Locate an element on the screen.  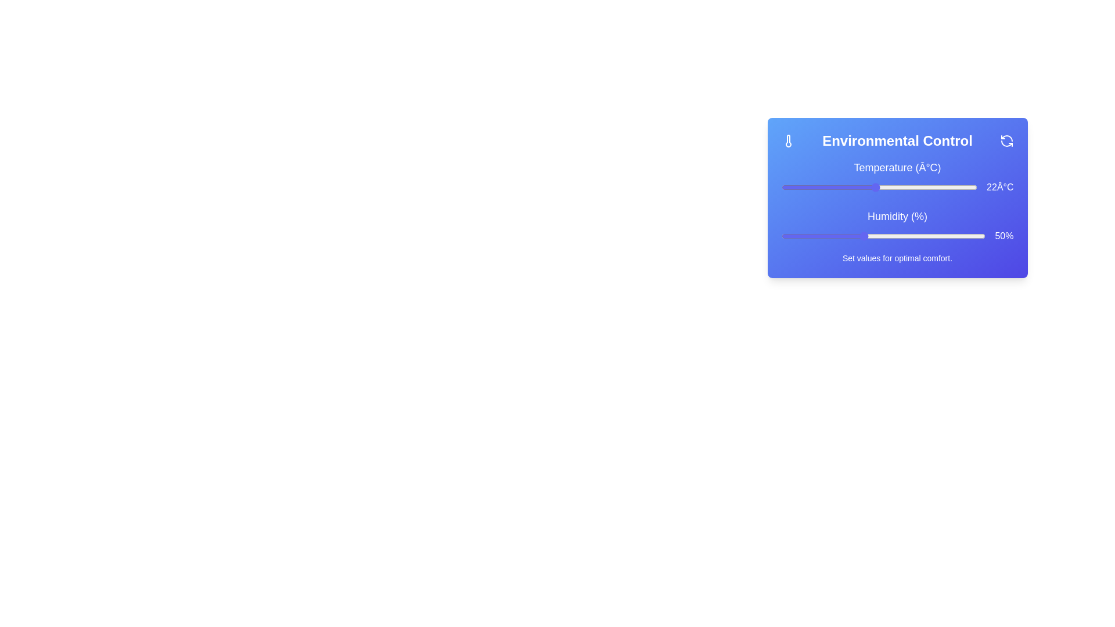
the humidity slider to set the humidity to 42% is located at coordinates (830, 236).